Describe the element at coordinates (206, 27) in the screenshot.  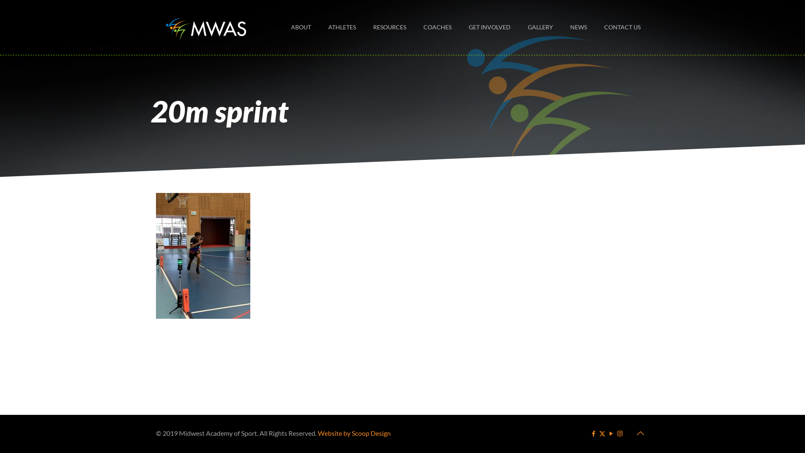
I see `'Midwest Academy of Sport'` at that location.